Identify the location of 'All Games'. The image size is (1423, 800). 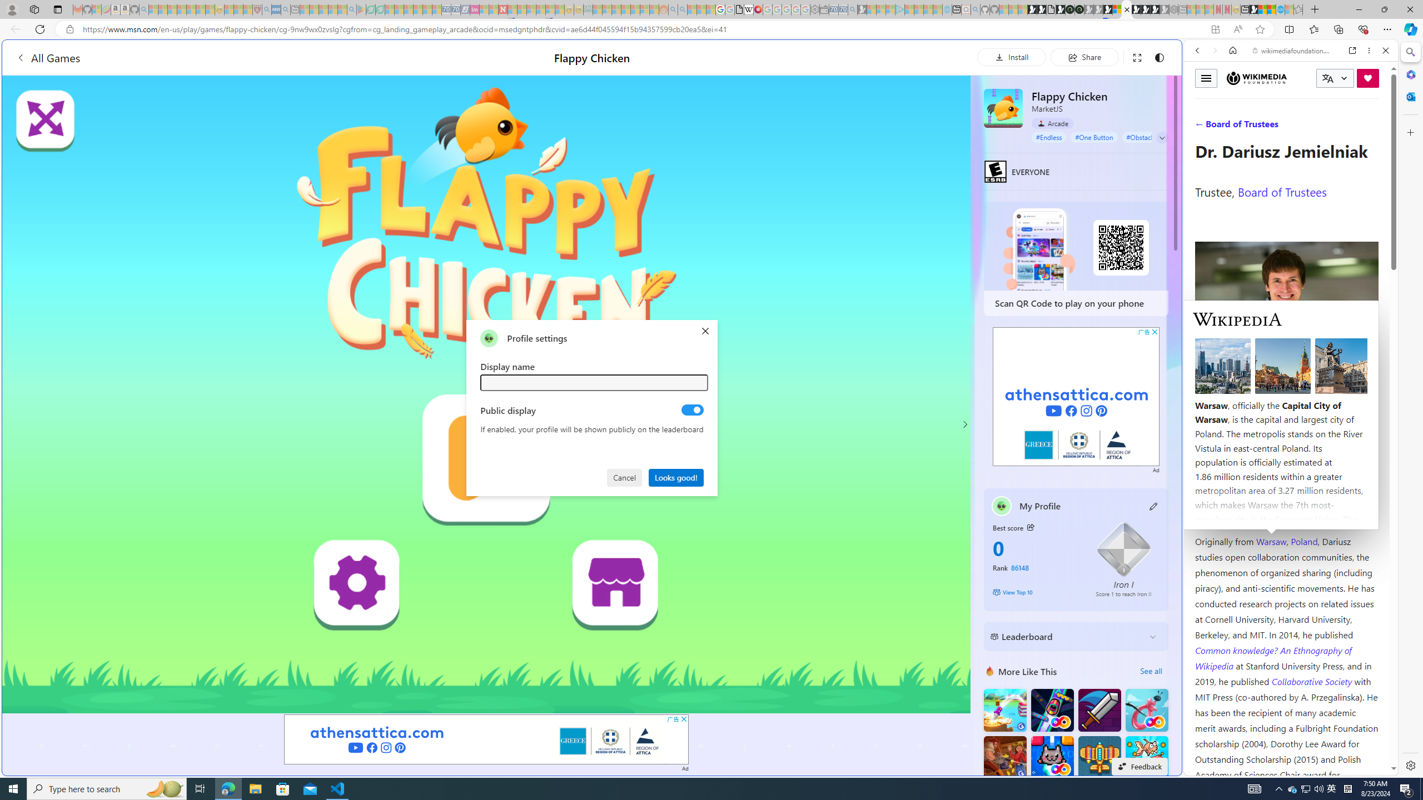
(48, 57).